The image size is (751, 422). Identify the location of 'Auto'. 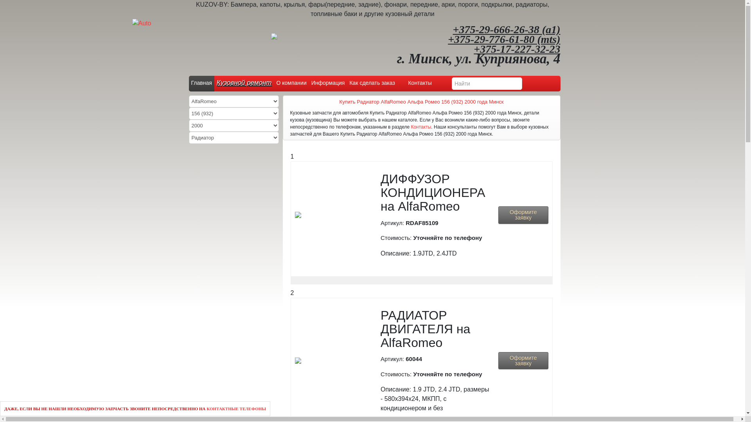
(142, 23).